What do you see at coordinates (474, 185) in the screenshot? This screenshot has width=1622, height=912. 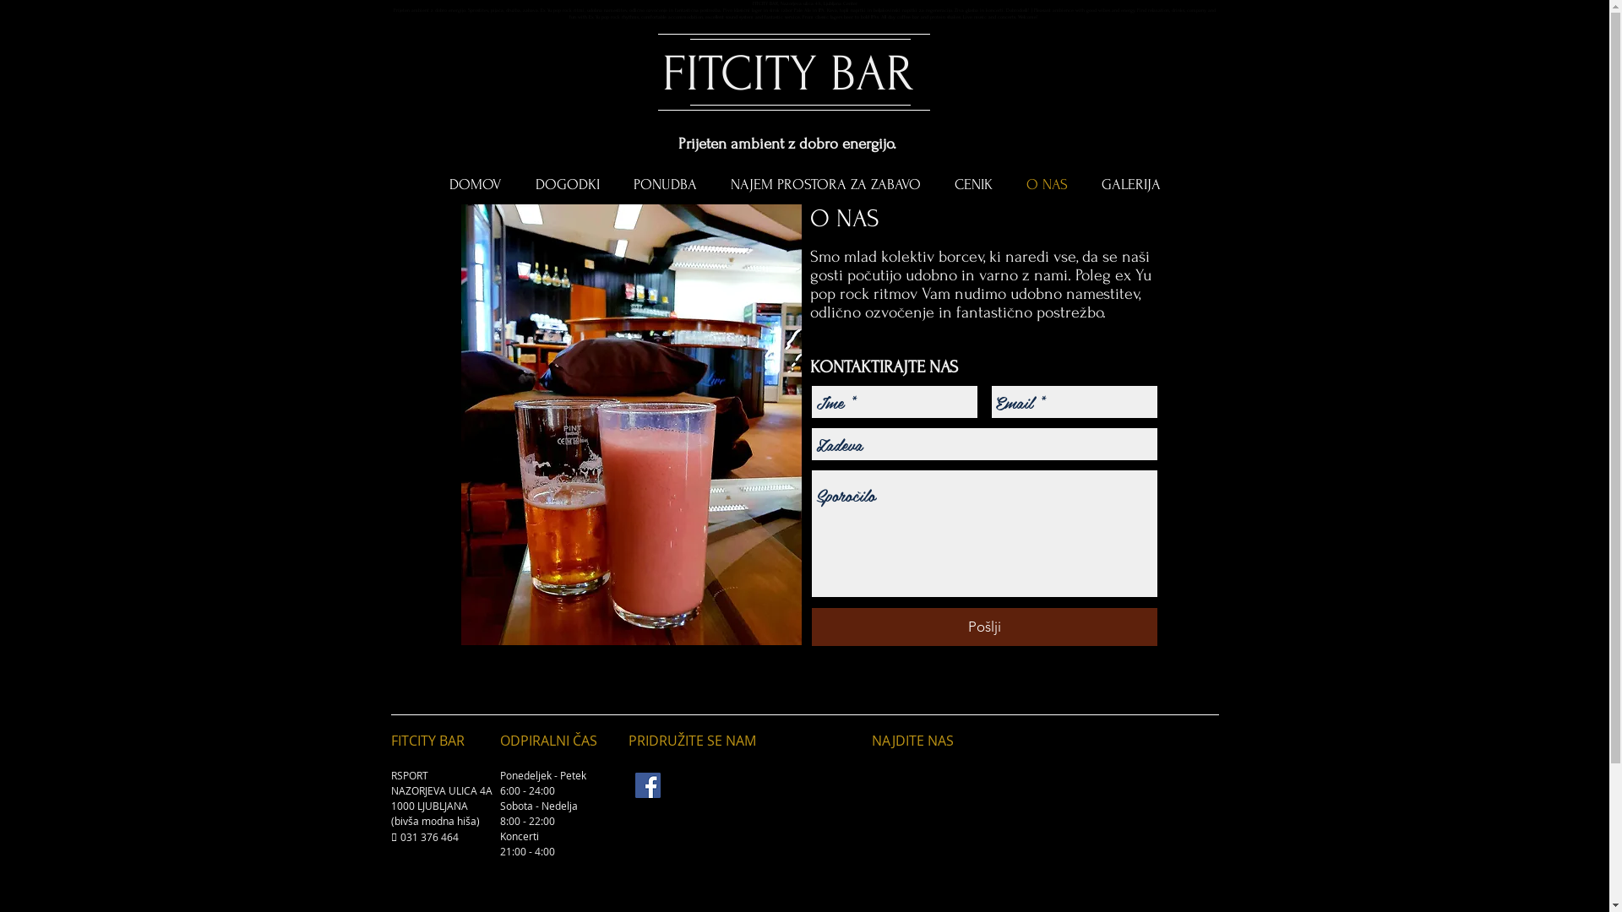 I see `'DOMOV'` at bounding box center [474, 185].